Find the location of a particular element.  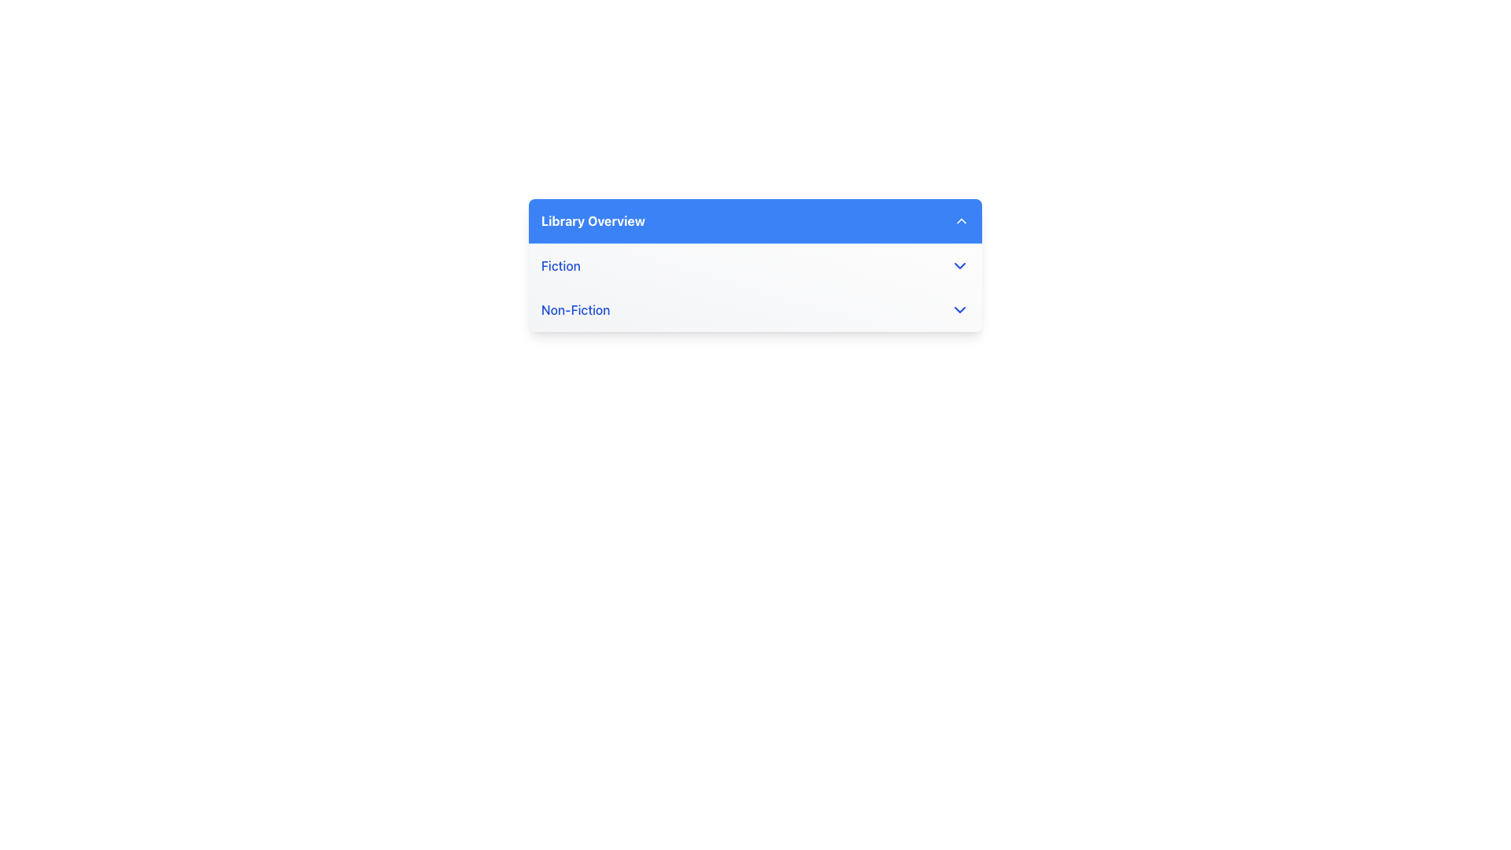

the Text label that serves as a header for the dropdown menu, which is positioned in the blue header bar at the top of the dropdown menu is located at coordinates (592, 221).